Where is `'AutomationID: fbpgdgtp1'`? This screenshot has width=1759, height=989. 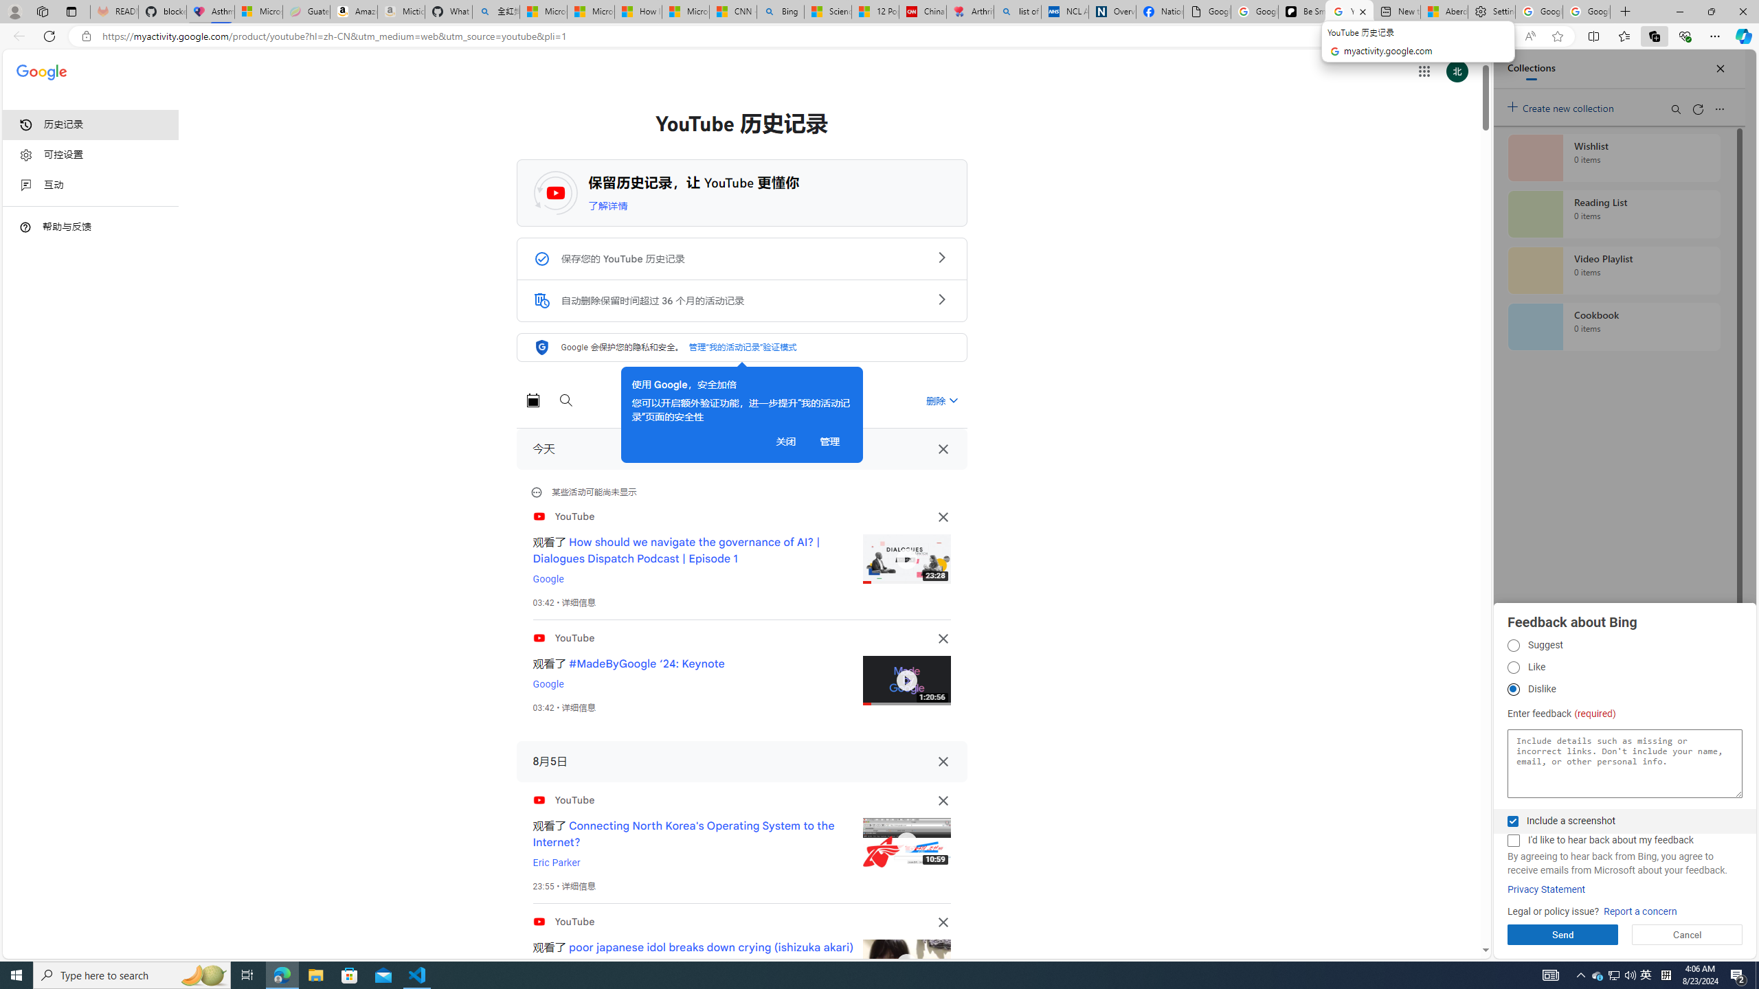 'AutomationID: fbpgdgtp1' is located at coordinates (1512, 645).